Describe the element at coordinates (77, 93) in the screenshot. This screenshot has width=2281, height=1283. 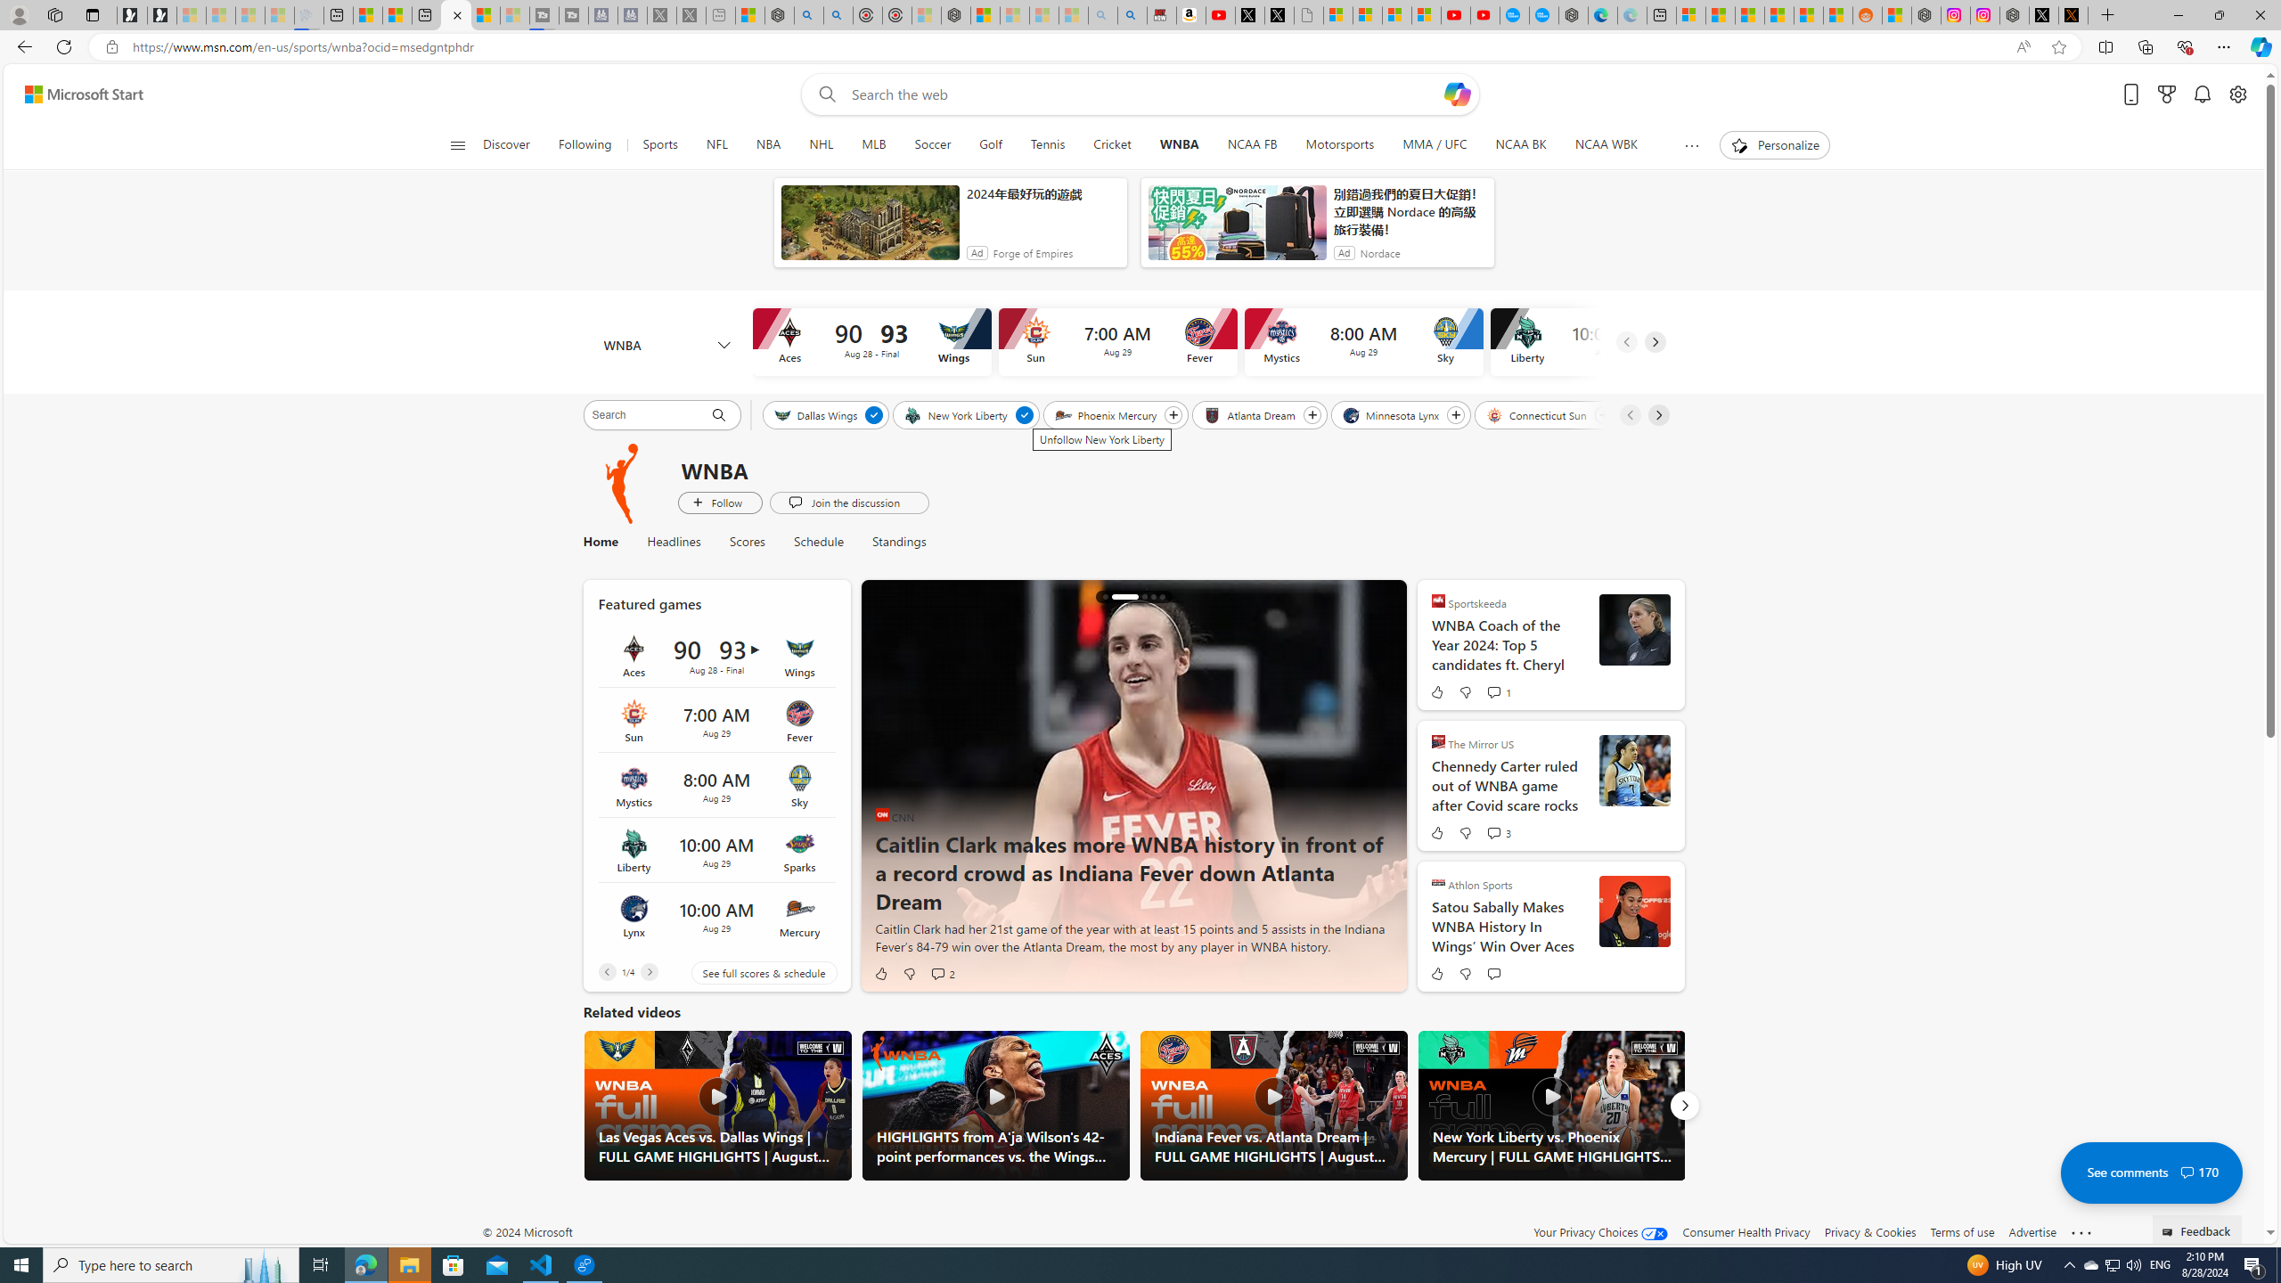
I see `'Skip to content'` at that location.